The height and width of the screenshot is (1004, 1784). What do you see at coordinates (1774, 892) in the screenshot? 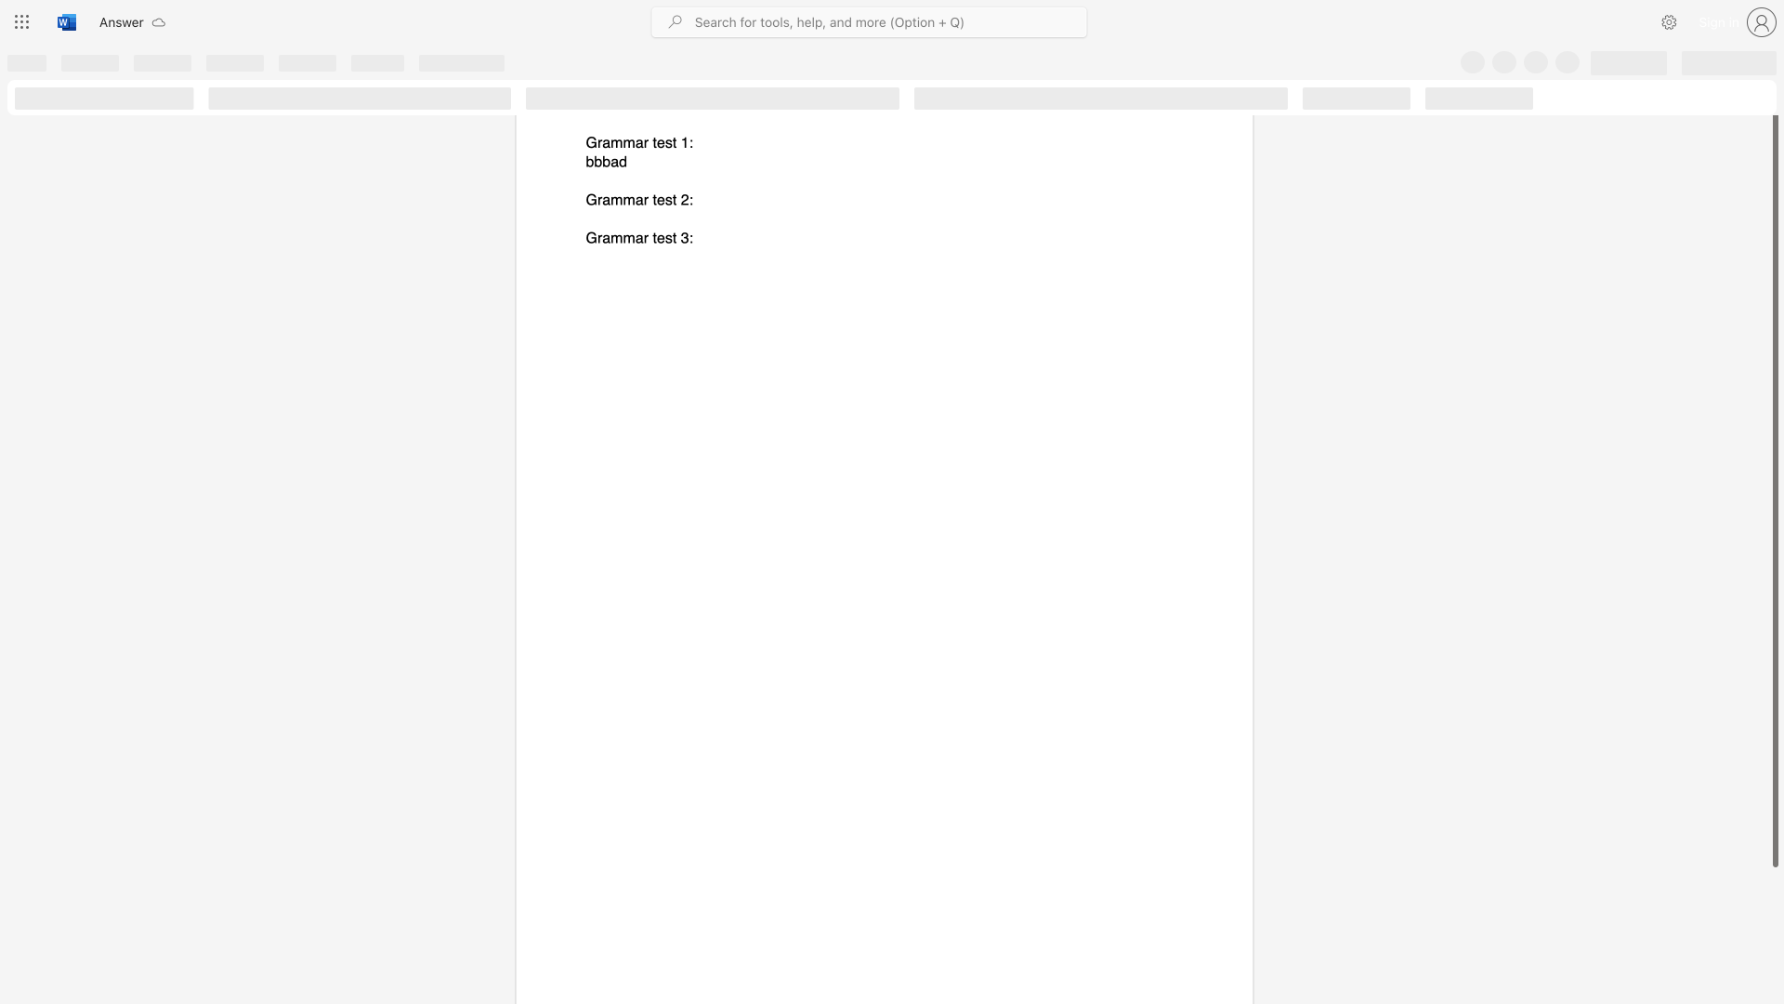
I see `the scrollbar on the right side to scroll the page down` at bounding box center [1774, 892].